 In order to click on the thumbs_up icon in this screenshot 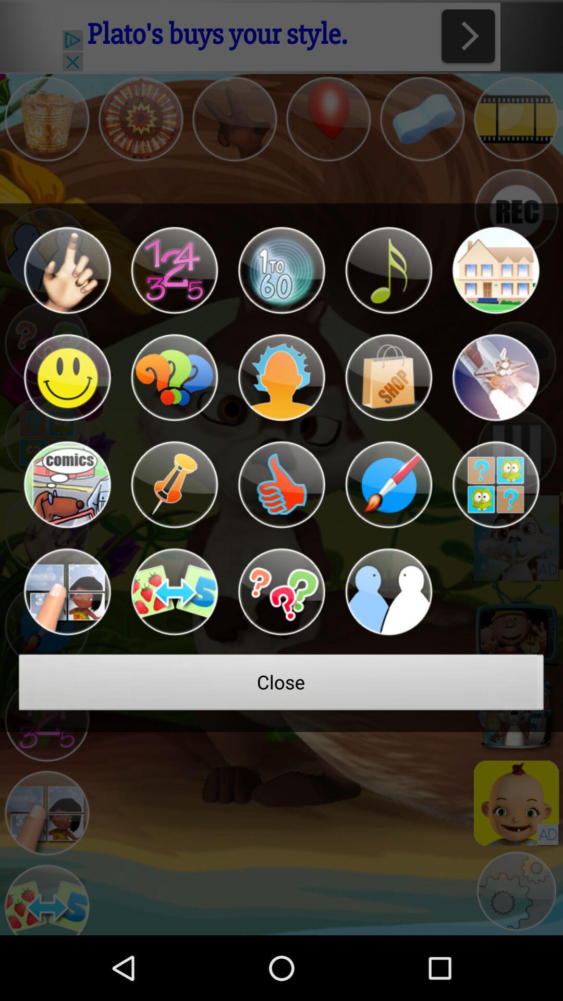, I will do `click(281, 519)`.